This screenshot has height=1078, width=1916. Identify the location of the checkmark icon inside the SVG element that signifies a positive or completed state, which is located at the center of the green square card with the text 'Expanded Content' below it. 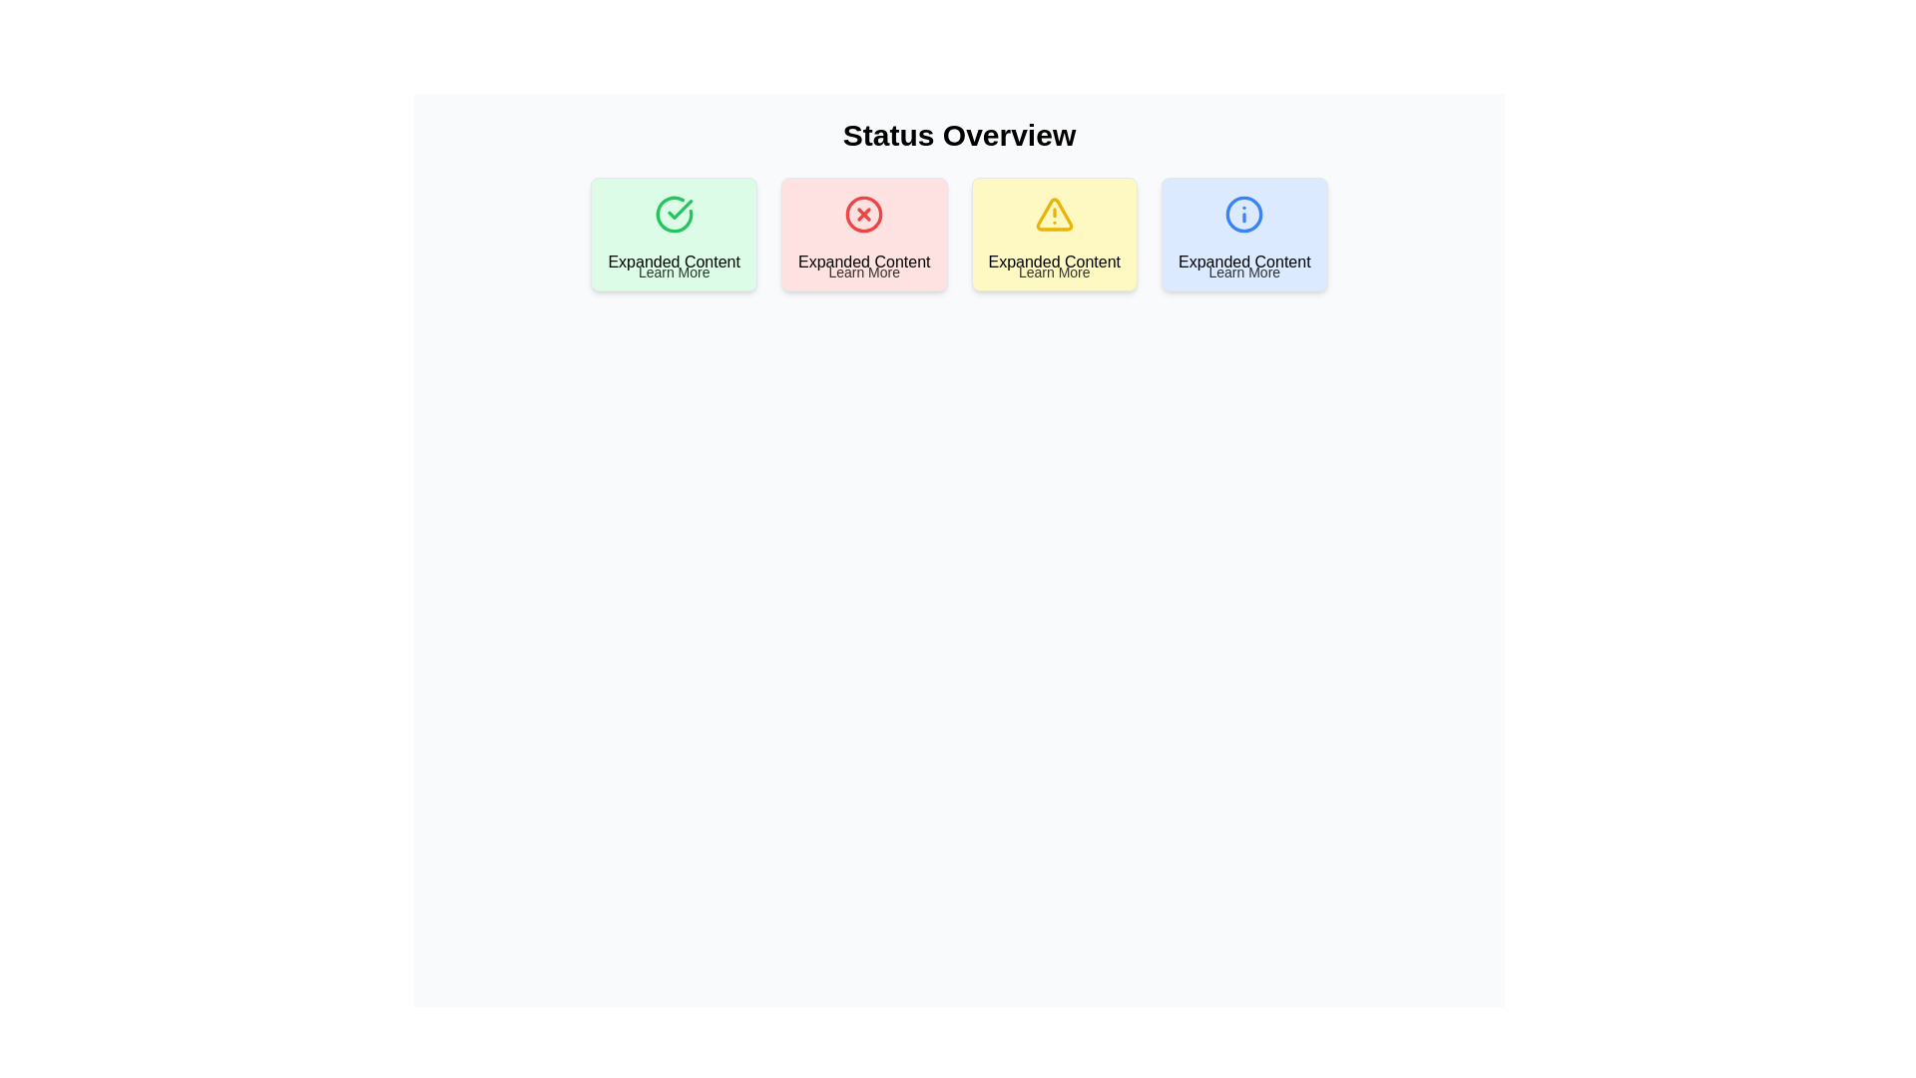
(680, 209).